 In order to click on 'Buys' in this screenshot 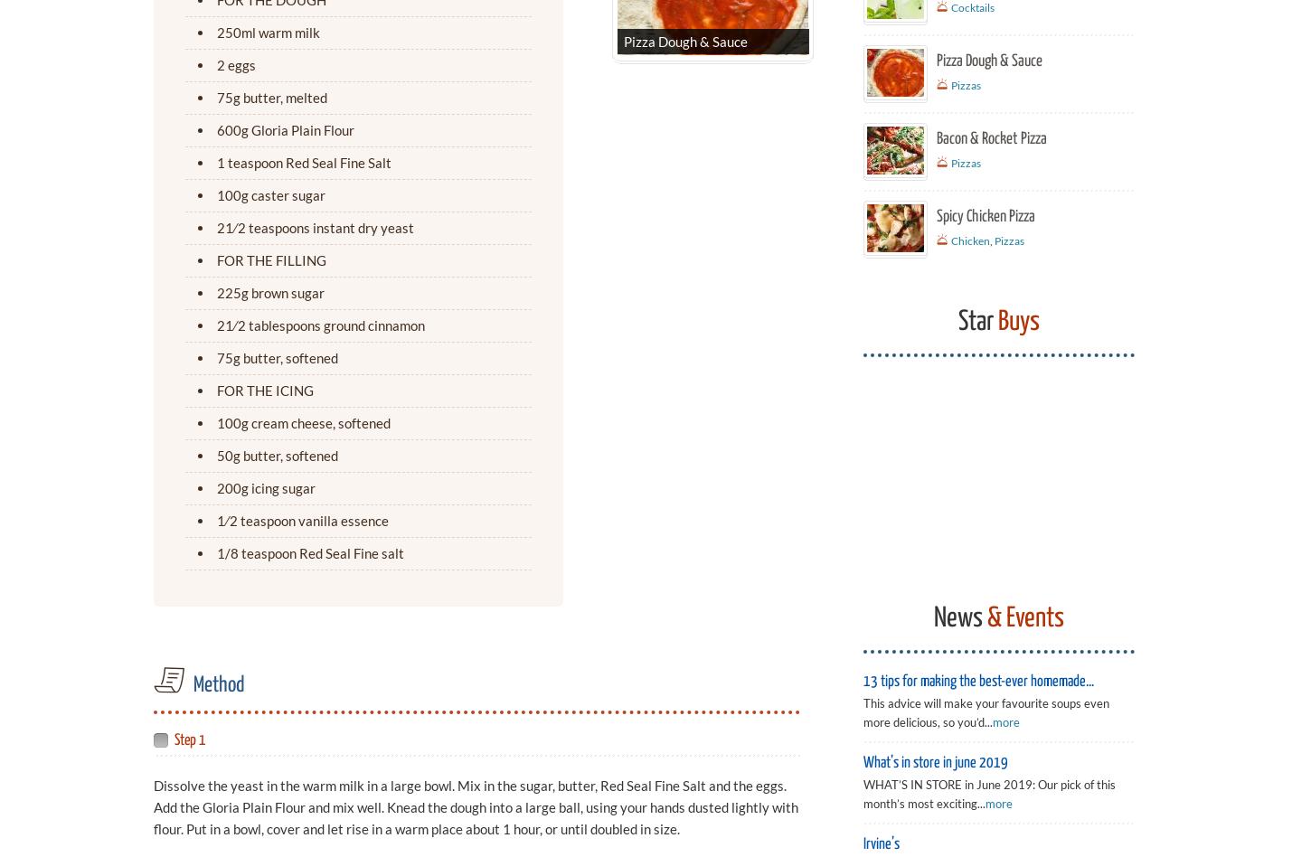, I will do `click(1015, 321)`.